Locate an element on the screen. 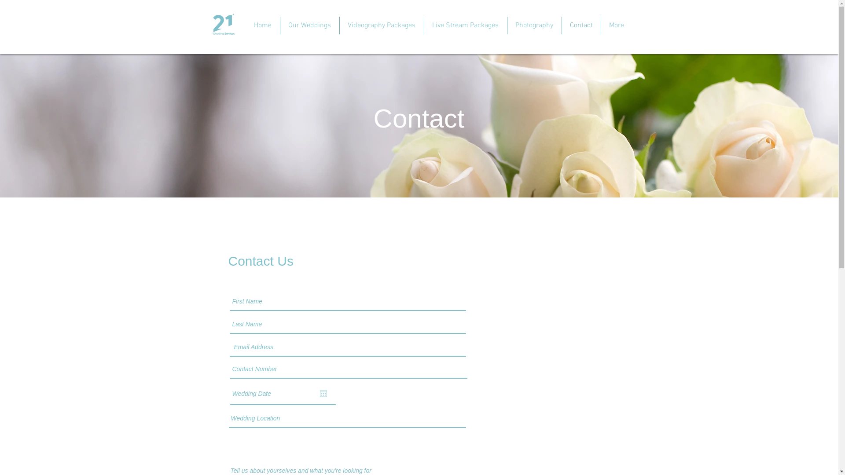  'Videography Packages' is located at coordinates (381, 25).